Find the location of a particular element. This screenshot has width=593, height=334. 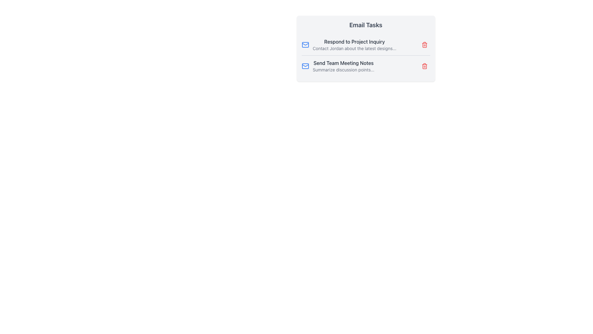

the task titled 'Respond to Project Inquiry' is located at coordinates (366, 45).